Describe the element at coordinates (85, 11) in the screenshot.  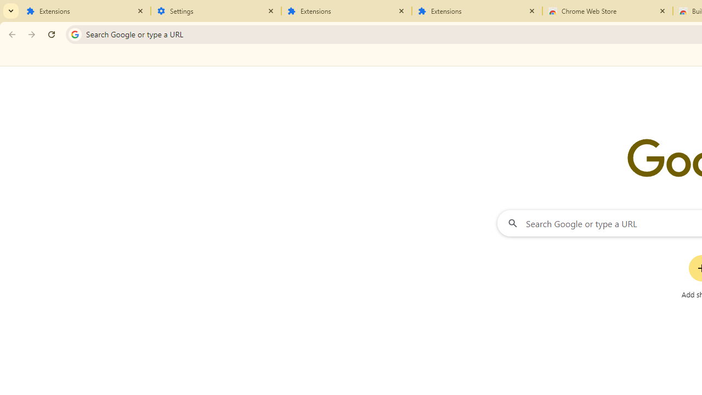
I see `'Extensions'` at that location.